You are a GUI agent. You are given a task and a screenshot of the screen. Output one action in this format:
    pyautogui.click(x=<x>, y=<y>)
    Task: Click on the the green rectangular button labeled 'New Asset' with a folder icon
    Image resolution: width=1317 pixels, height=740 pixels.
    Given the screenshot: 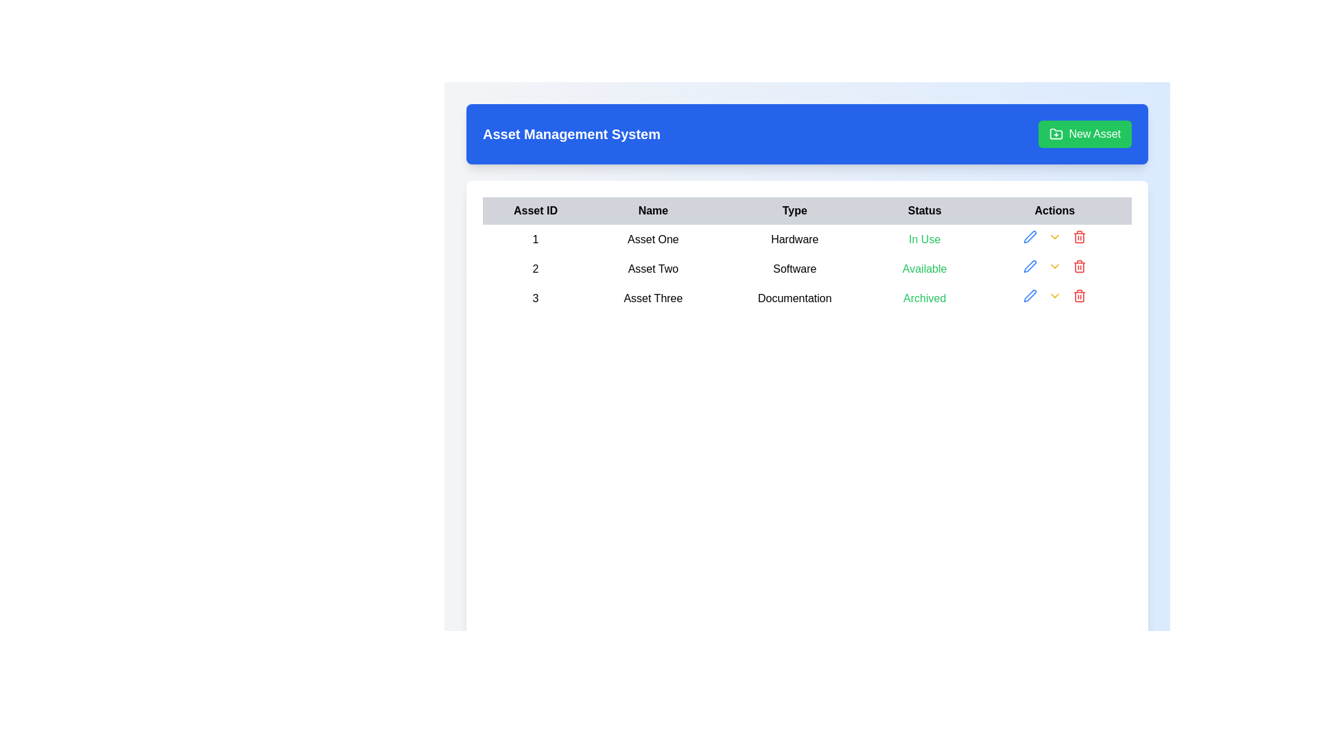 What is the action you would take?
    pyautogui.click(x=1084, y=134)
    